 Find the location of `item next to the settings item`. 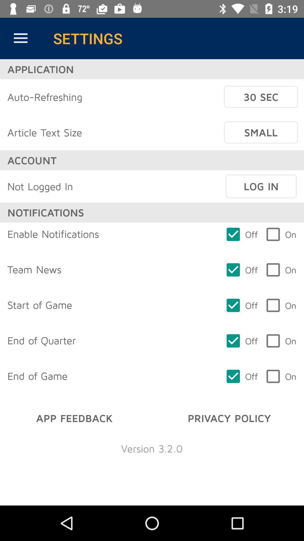

item next to the settings item is located at coordinates (20, 38).